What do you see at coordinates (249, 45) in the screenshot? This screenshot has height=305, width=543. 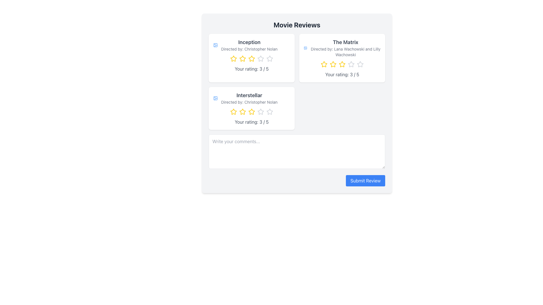 I see `text displayed in the card containing the movie title 'Inception' and the subtitle 'Directed by: Christopher Nolan', located in the top-left quadrant of the interface` at bounding box center [249, 45].